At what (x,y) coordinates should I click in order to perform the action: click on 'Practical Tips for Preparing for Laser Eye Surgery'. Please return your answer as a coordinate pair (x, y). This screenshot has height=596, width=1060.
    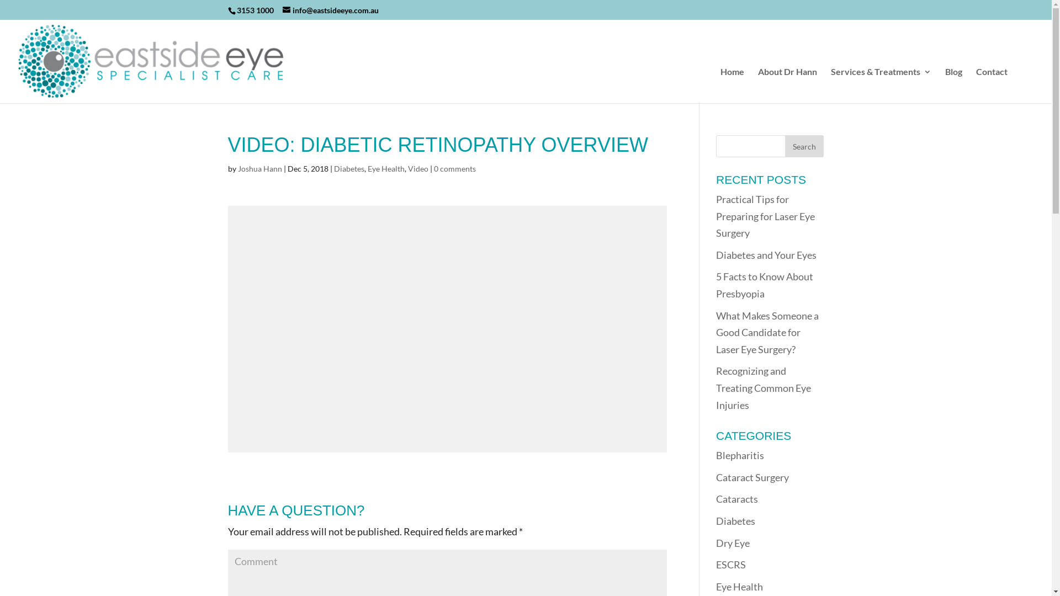
    Looking at the image, I should click on (765, 216).